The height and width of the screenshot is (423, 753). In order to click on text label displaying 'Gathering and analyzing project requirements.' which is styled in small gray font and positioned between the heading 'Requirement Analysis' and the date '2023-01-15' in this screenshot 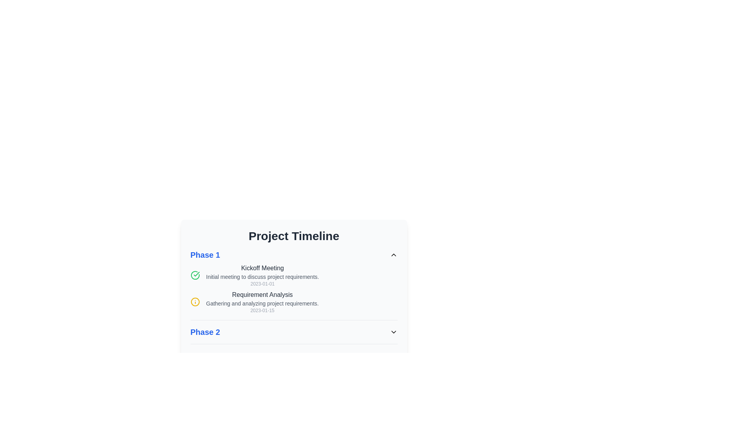, I will do `click(262, 303)`.